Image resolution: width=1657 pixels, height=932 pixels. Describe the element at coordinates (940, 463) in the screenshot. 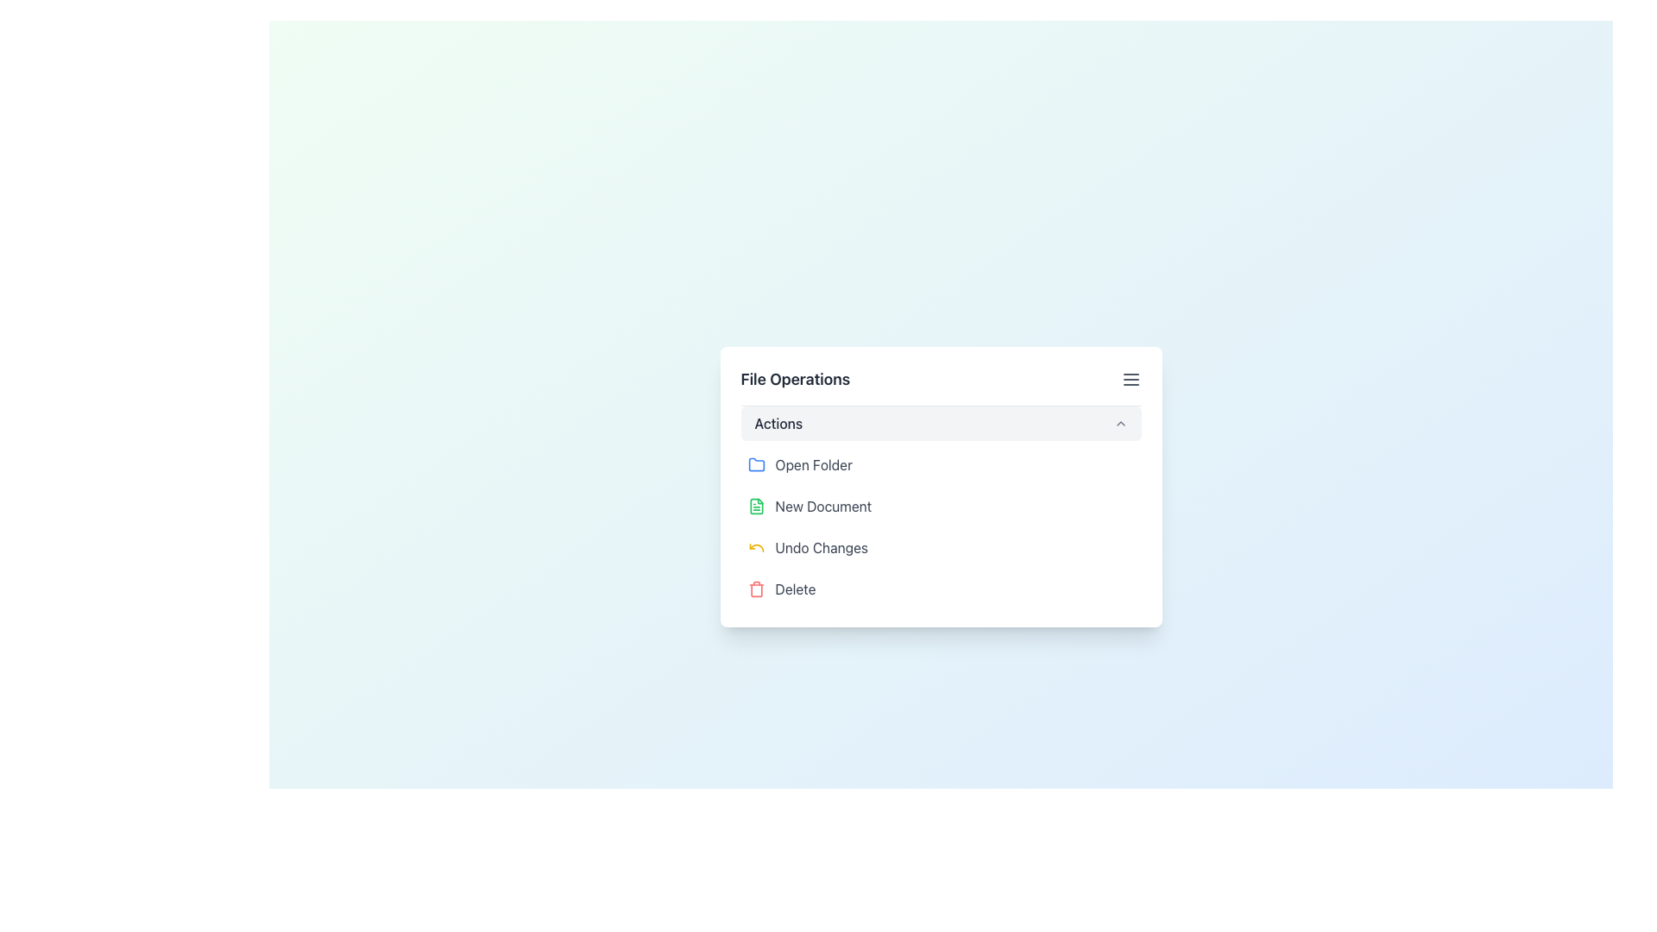

I see `the 'Open Folder' button, which is the first option in the 'File Operations' menu, located above 'New Document' and below the 'Actions' title` at that location.